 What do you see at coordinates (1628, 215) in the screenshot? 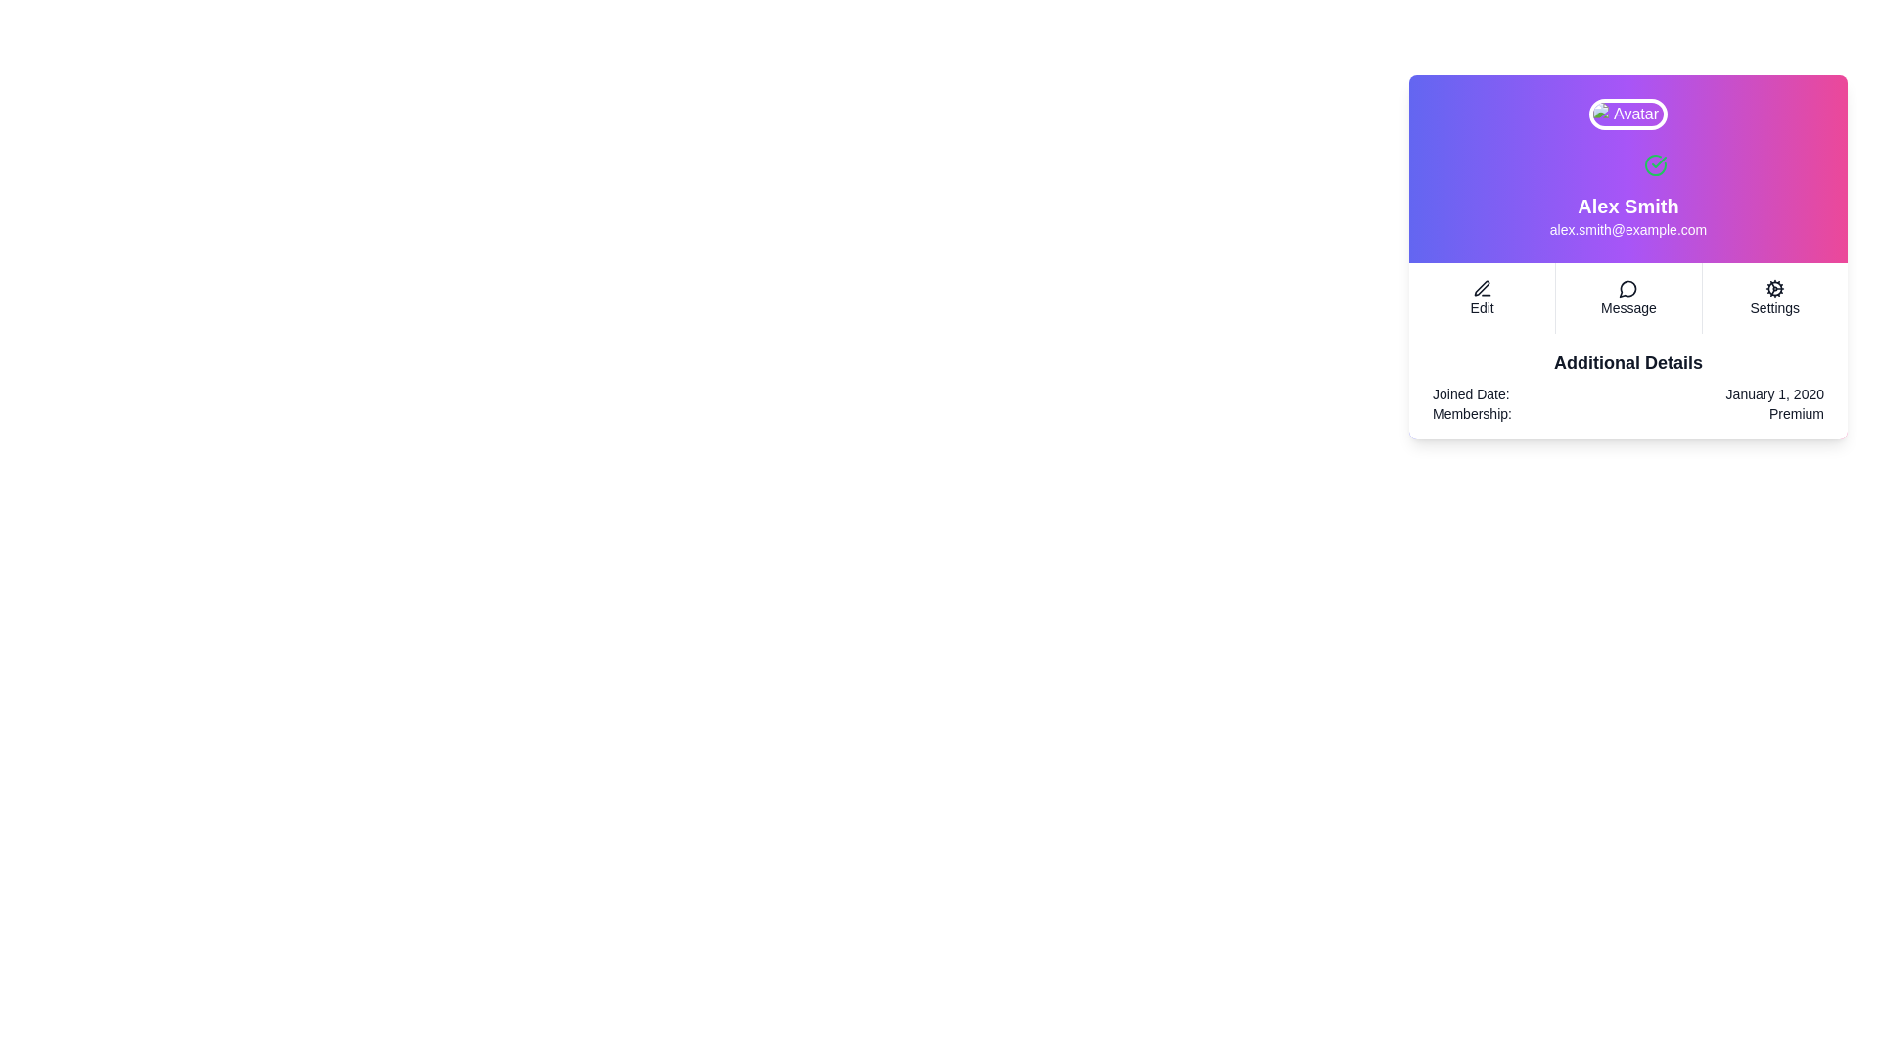
I see `the text display element that shows the user's name and email address, located below the avatar image and icon checkmark, and is the second text element in the card's vertical arrangement` at bounding box center [1628, 215].